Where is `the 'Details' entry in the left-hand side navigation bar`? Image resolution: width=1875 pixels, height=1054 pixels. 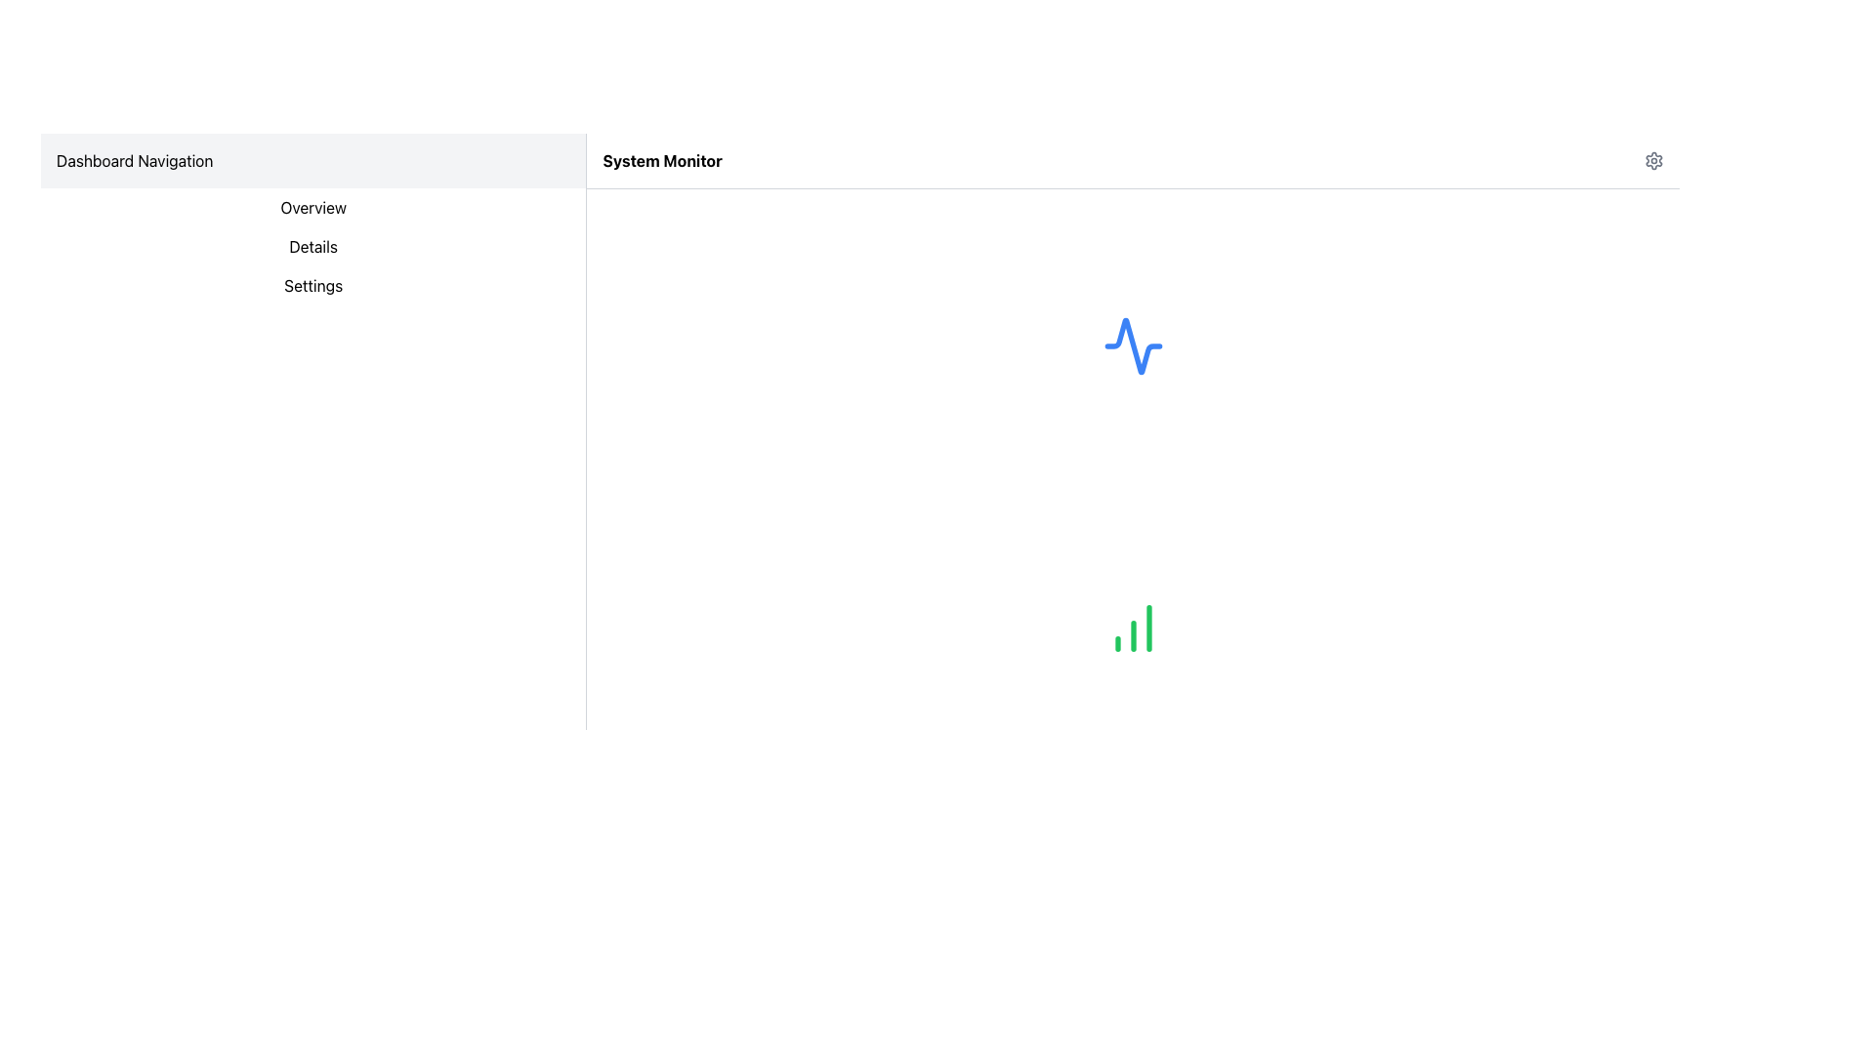
the 'Details' entry in the left-hand side navigation bar is located at coordinates (313, 246).